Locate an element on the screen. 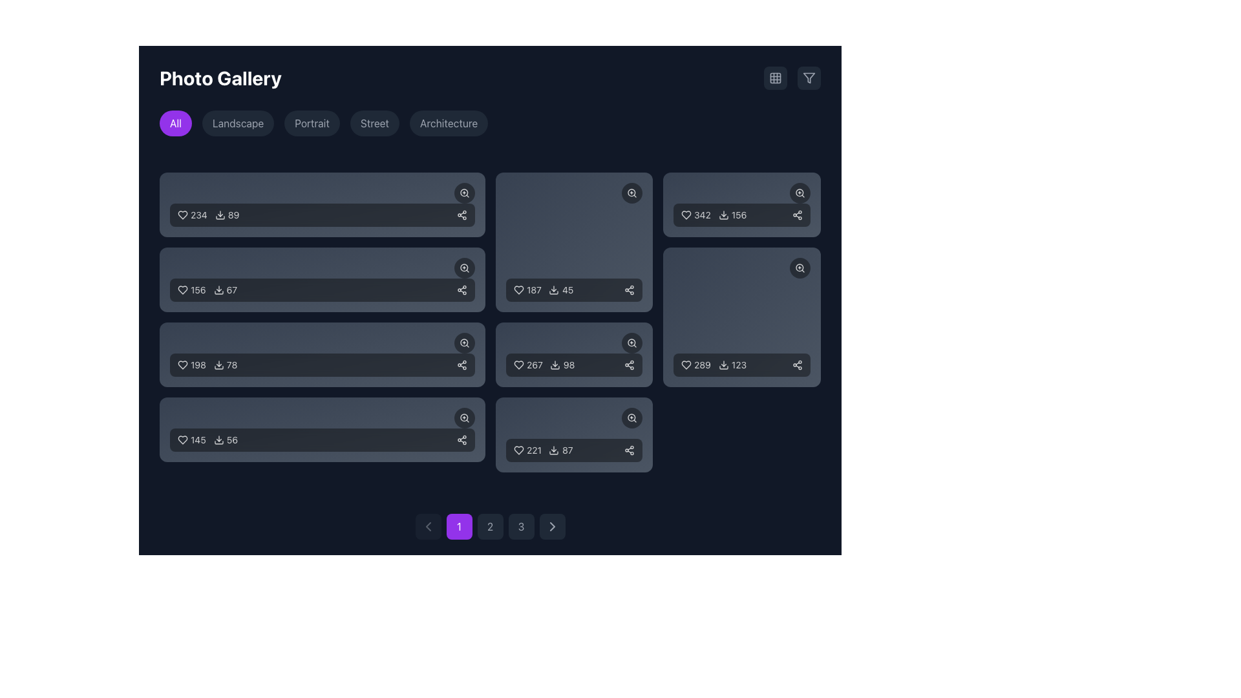 Image resolution: width=1241 pixels, height=698 pixels. the Panel with interactive icons containing a heart icon, download icon, magnifying glass icon, and sharing icon is located at coordinates (322, 279).